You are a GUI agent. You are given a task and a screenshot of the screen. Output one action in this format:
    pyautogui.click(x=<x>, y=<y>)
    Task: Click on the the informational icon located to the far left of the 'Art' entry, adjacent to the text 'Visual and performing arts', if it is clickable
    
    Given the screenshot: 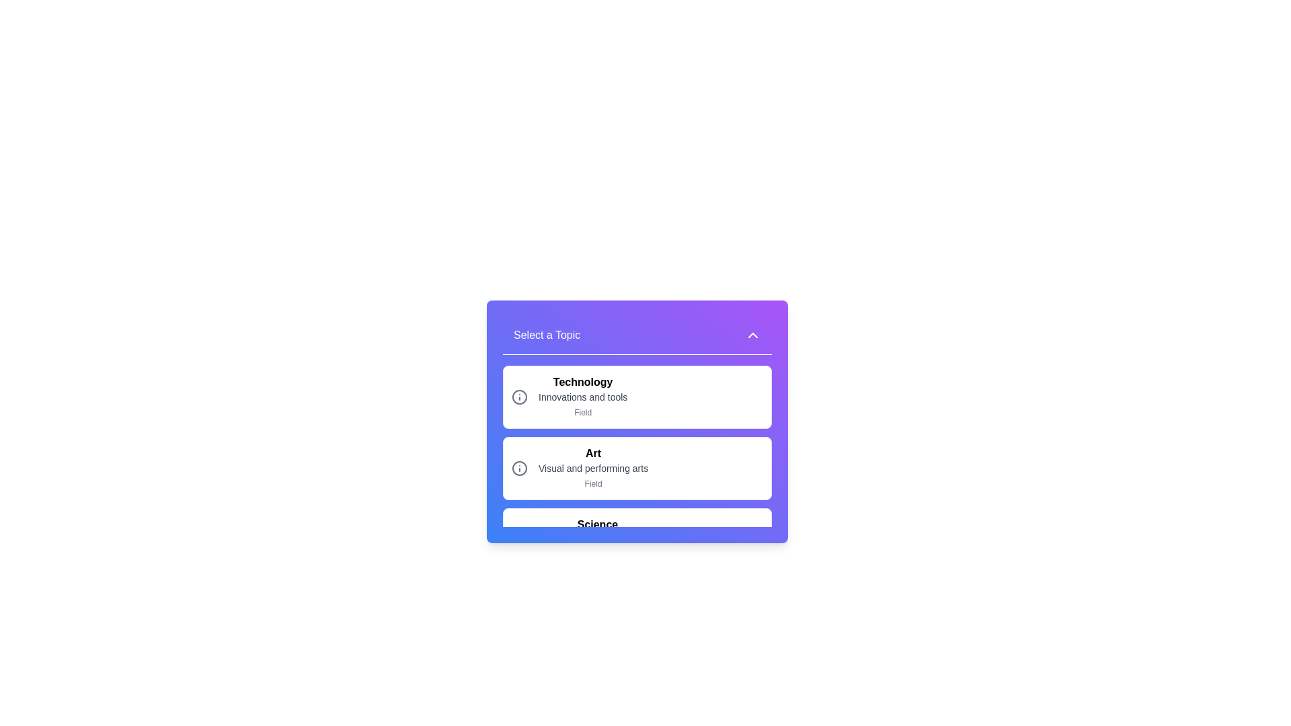 What is the action you would take?
    pyautogui.click(x=518, y=468)
    